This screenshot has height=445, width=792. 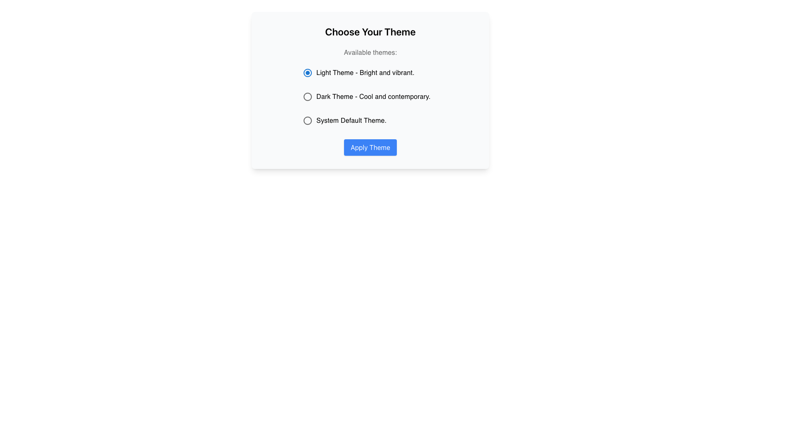 I want to click on the first circular radio button styled with a thin black border, so click(x=307, y=96).